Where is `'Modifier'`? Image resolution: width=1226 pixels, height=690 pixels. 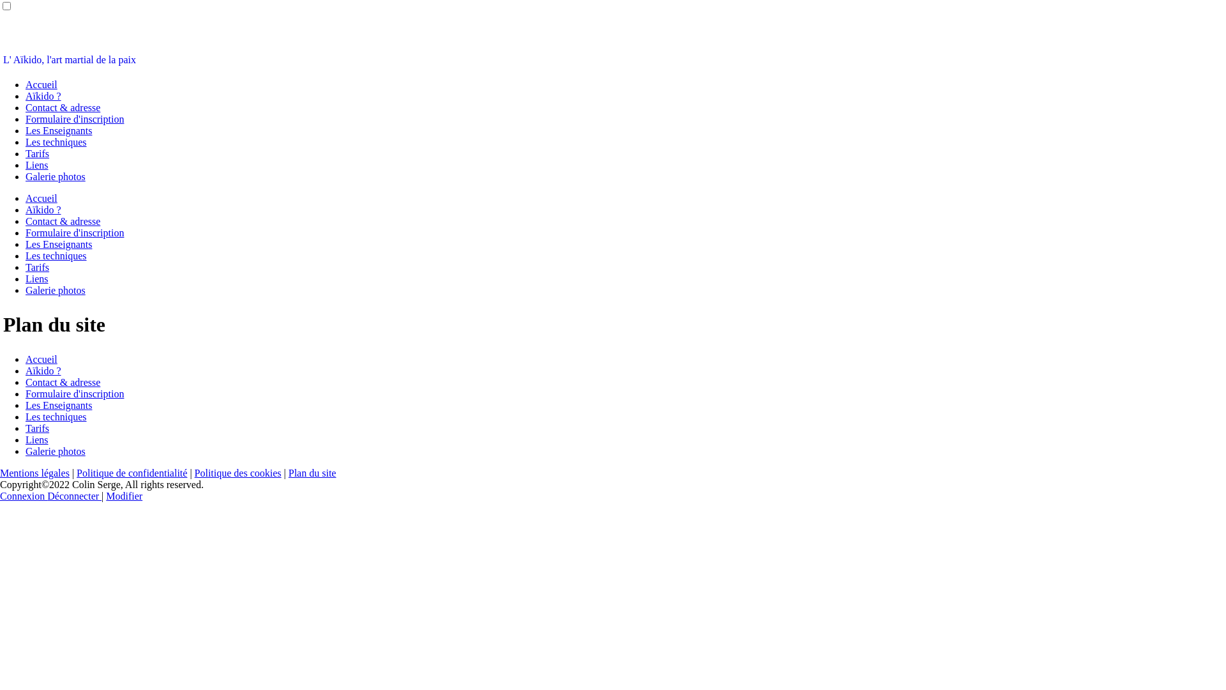 'Modifier' is located at coordinates (124, 495).